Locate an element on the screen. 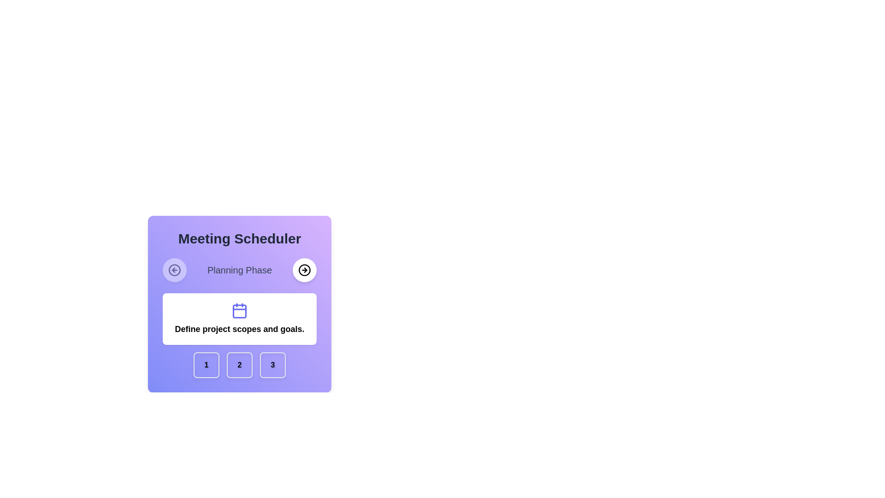 The image size is (885, 498). the forward navigation icon button located in the top-right corner of the 'Meeting Scheduler' card is located at coordinates (305, 270).